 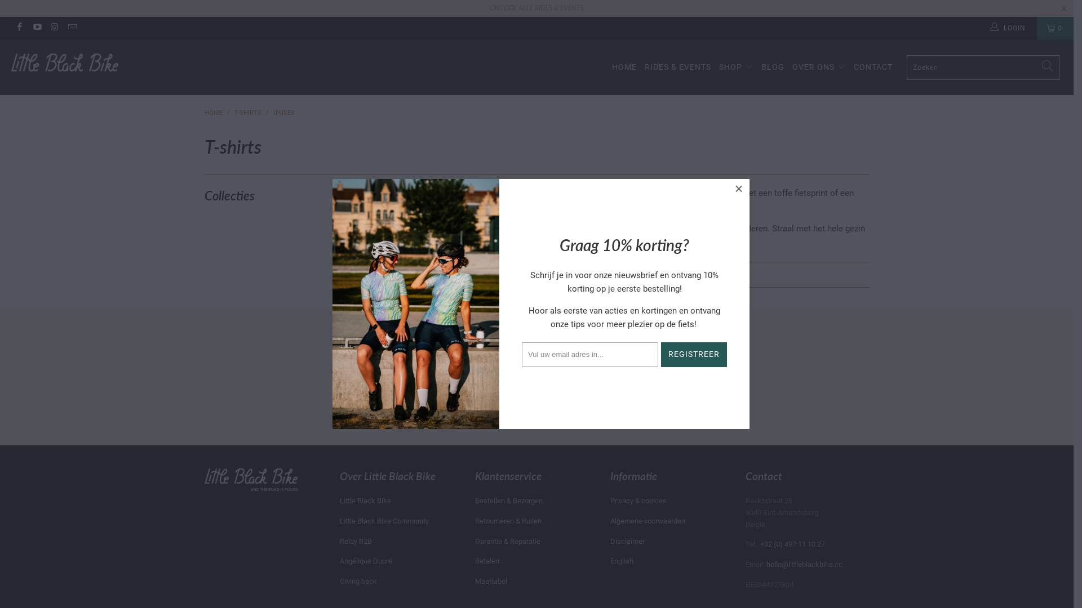 What do you see at coordinates (638, 500) in the screenshot?
I see `'Privacy & cookies'` at bounding box center [638, 500].